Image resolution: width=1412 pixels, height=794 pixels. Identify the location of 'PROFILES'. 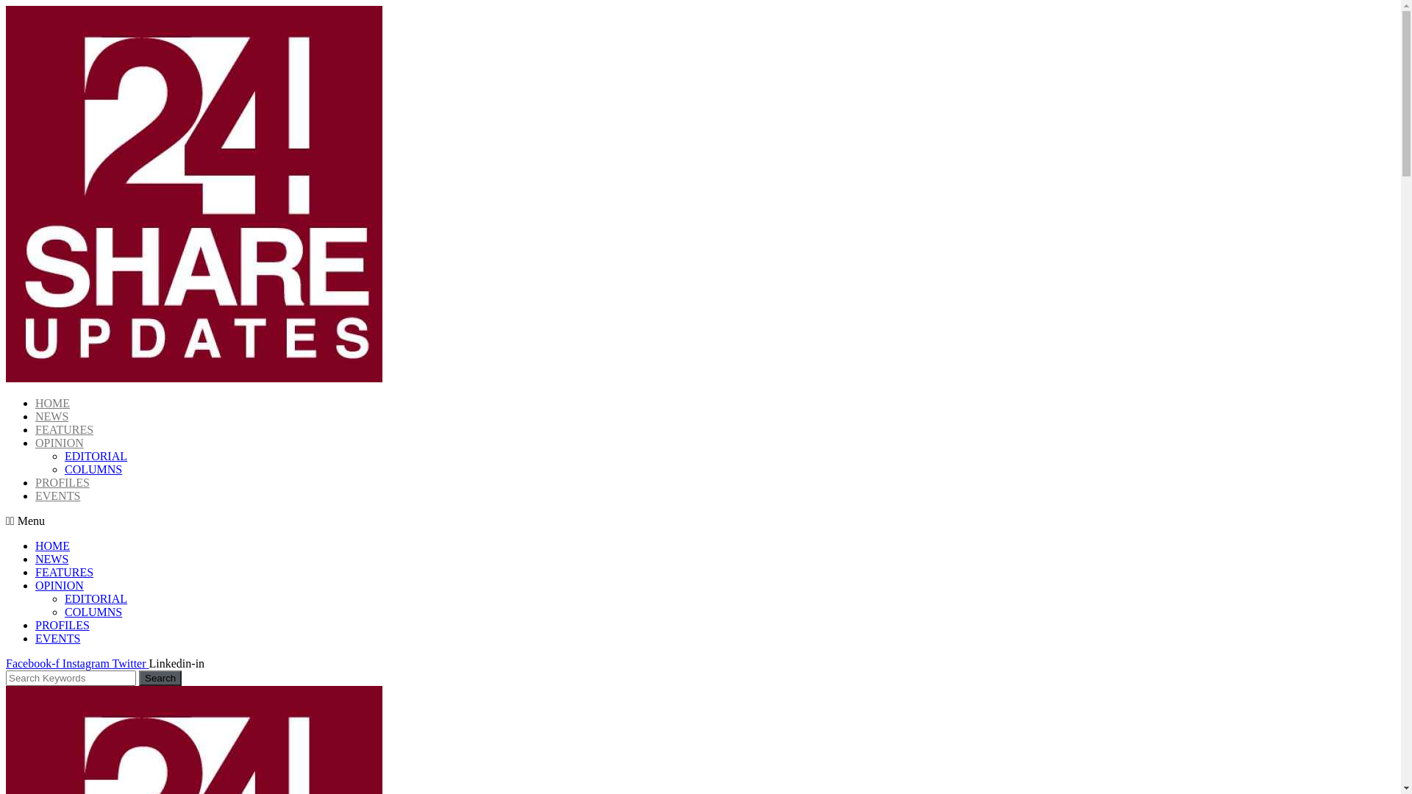
(62, 625).